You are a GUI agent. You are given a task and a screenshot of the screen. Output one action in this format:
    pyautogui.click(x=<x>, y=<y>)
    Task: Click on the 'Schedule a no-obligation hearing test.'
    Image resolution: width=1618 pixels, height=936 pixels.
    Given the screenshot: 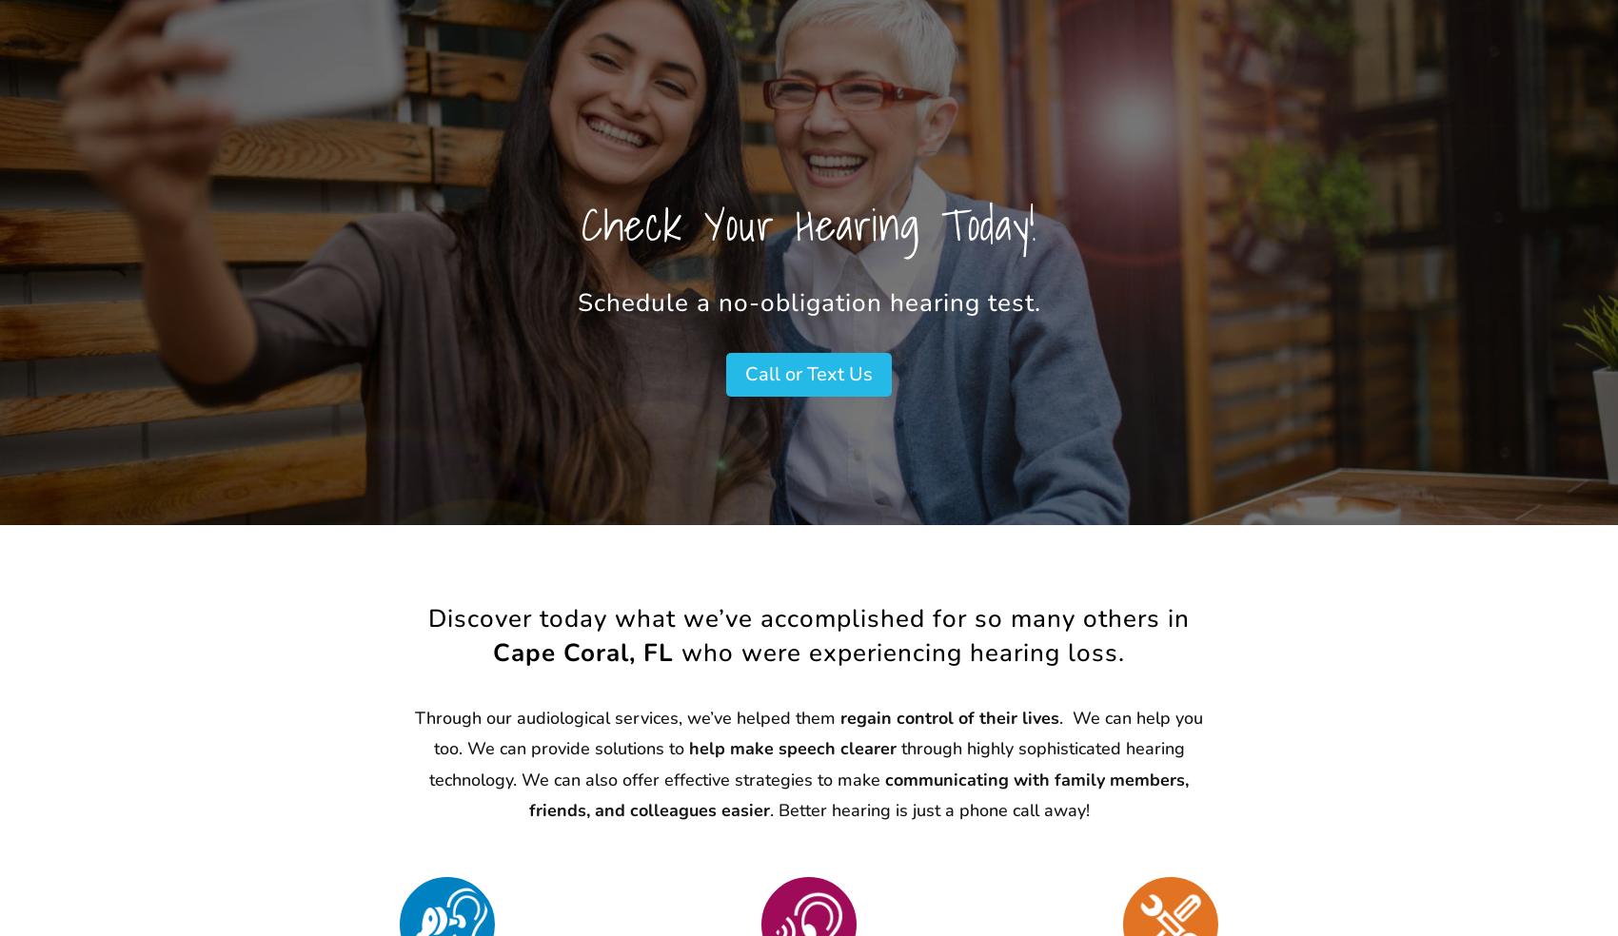 What is the action you would take?
    pyautogui.click(x=807, y=302)
    